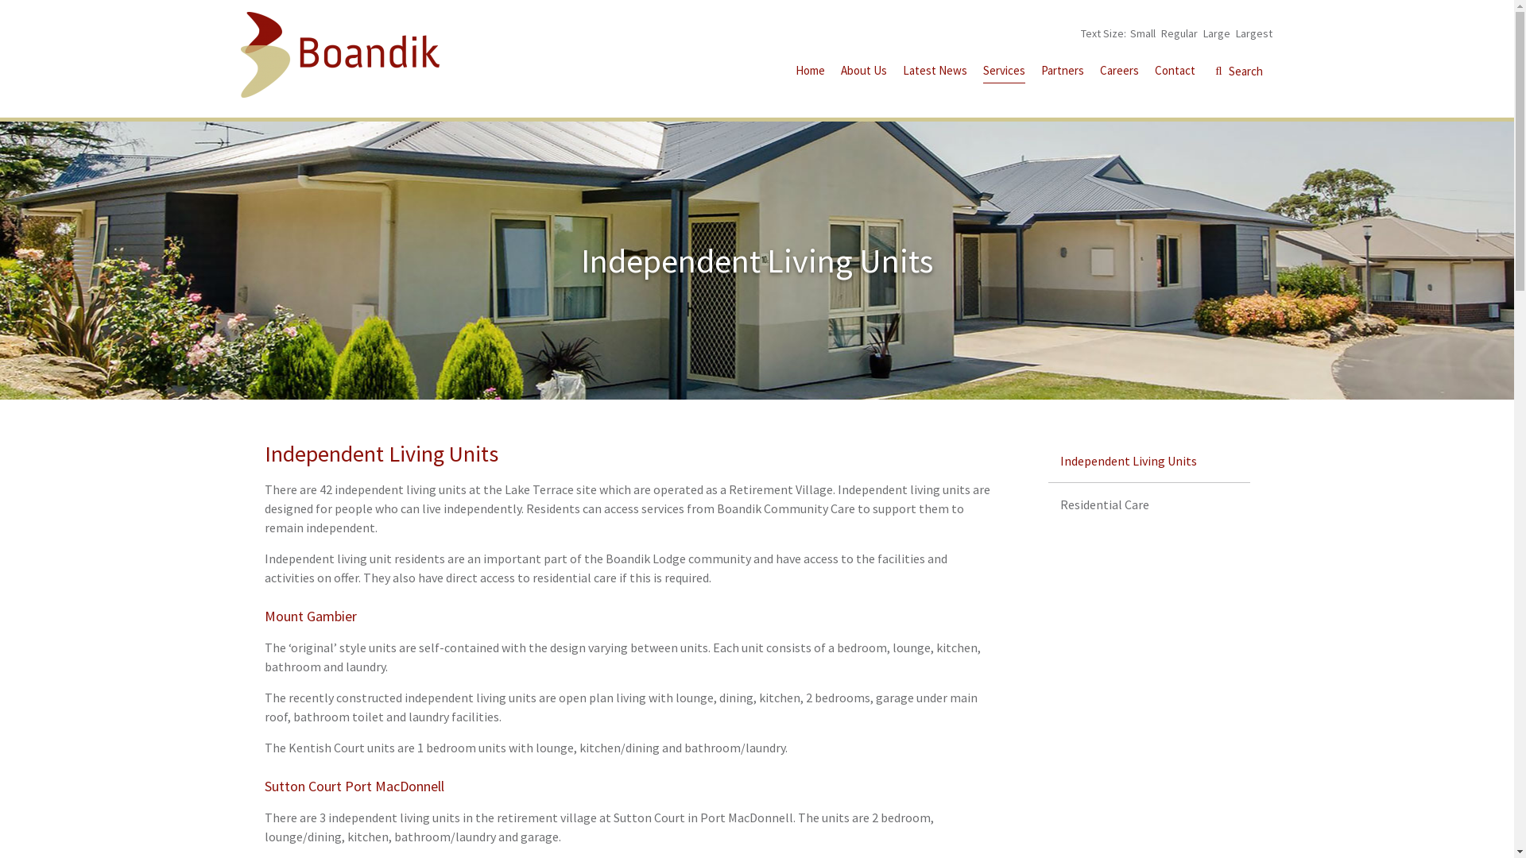  Describe the element at coordinates (1179, 33) in the screenshot. I see `'Regular'` at that location.